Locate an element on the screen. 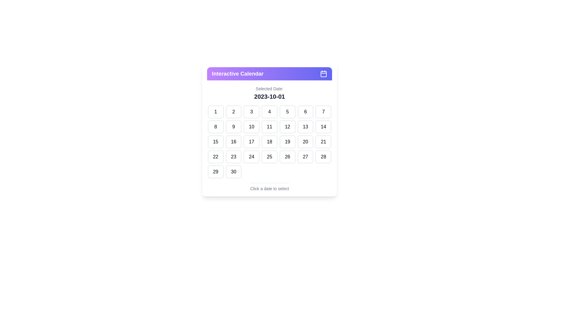 Image resolution: width=577 pixels, height=324 pixels. the button representing the selectable date '29' in the interactive calendar interface is located at coordinates (215, 172).